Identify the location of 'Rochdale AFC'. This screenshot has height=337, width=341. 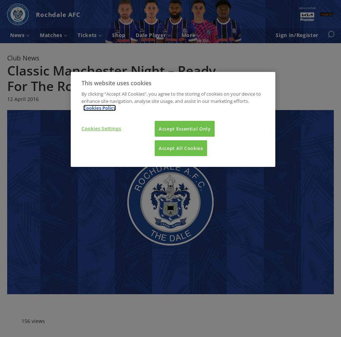
(58, 14).